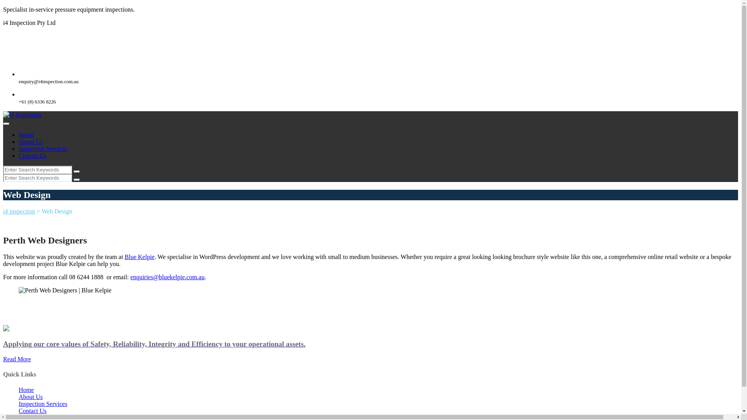  I want to click on 'i4 inspection', so click(19, 211).